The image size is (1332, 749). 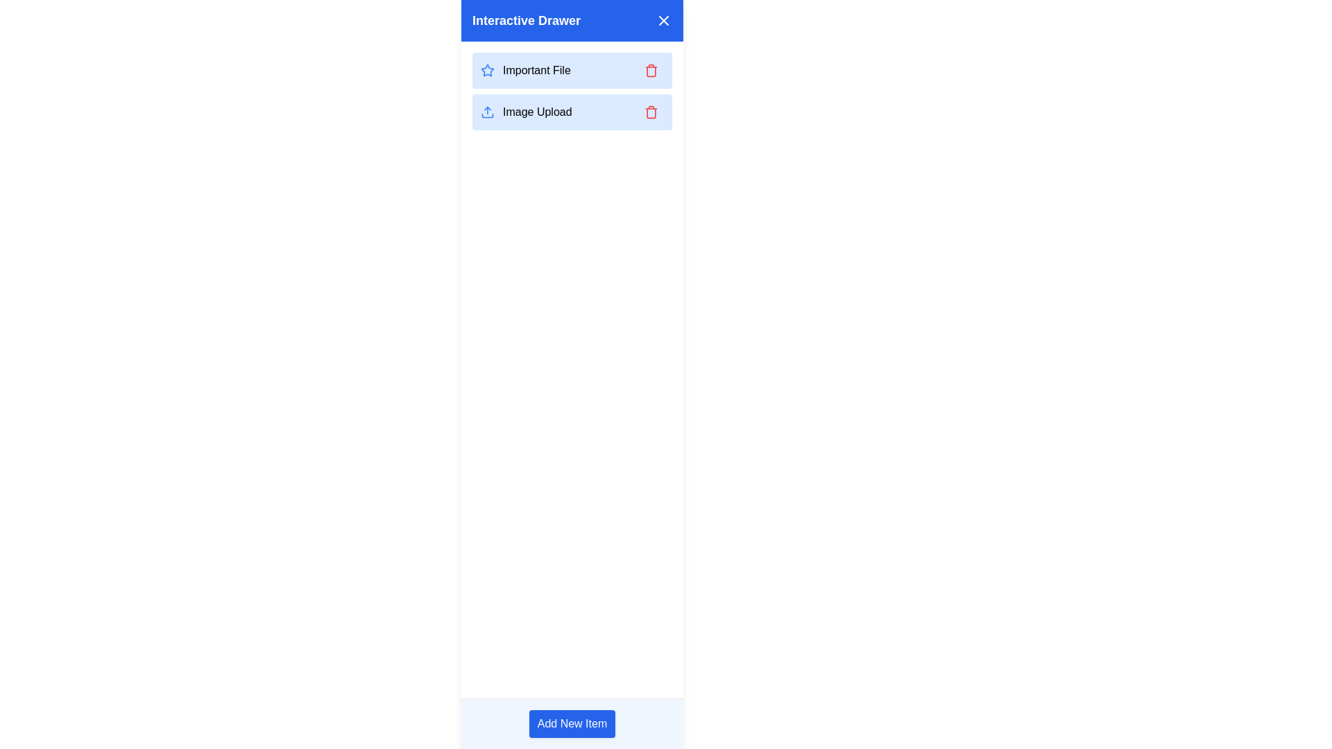 I want to click on the rectangular blue button labeled 'Add New Item' to observe the style change when hovered, so click(x=572, y=723).